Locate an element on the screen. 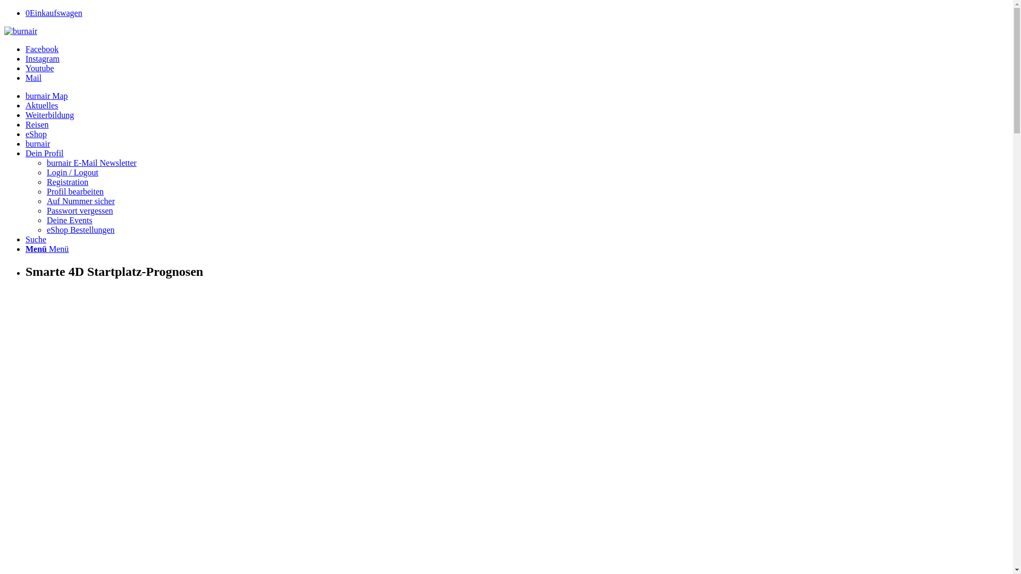 This screenshot has height=574, width=1021. 'Facebook' is located at coordinates (26, 49).